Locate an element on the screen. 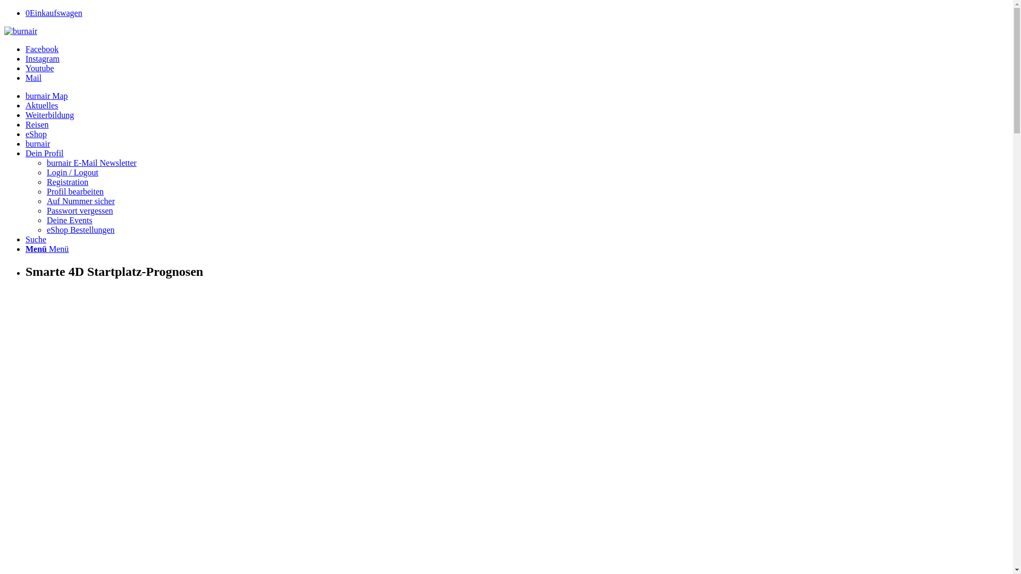 This screenshot has height=574, width=1021. 'Facebook' is located at coordinates (26, 49).